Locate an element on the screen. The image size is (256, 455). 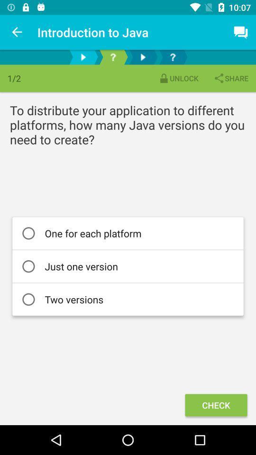
the help icon is located at coordinates (113, 57).